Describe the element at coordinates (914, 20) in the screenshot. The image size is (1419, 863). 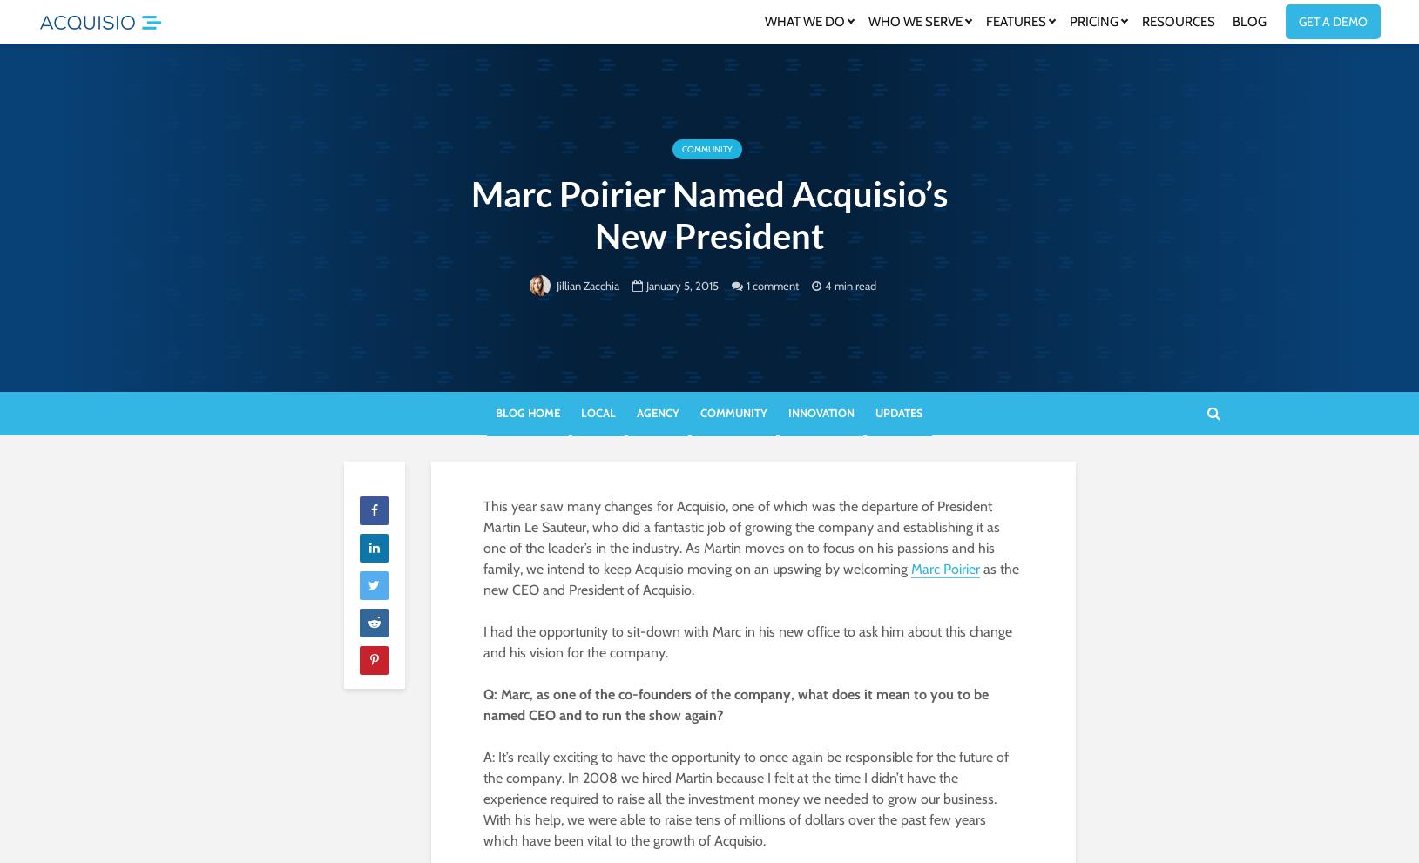
I see `'Who We Serve'` at that location.